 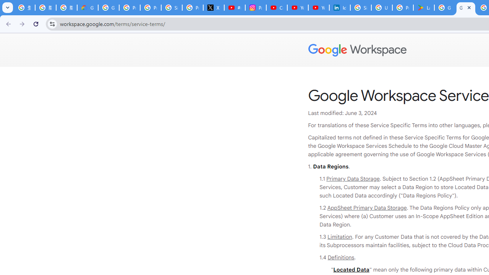 I want to click on 'Privacy Help Center - Policies Help', so click(x=151, y=8).